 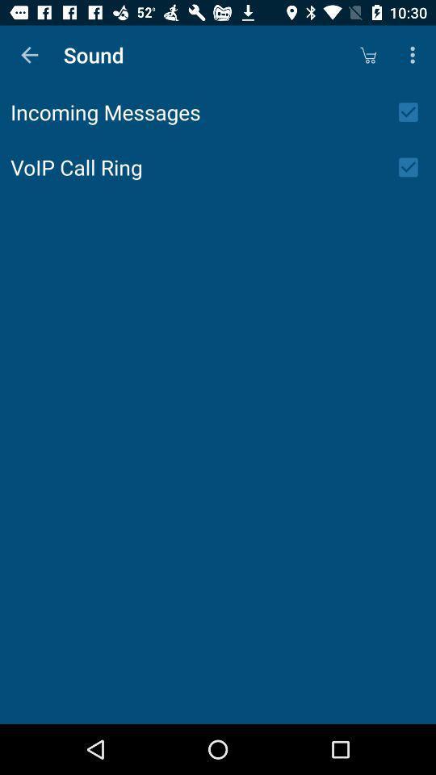 I want to click on the app to the left of the sound item, so click(x=29, y=55).